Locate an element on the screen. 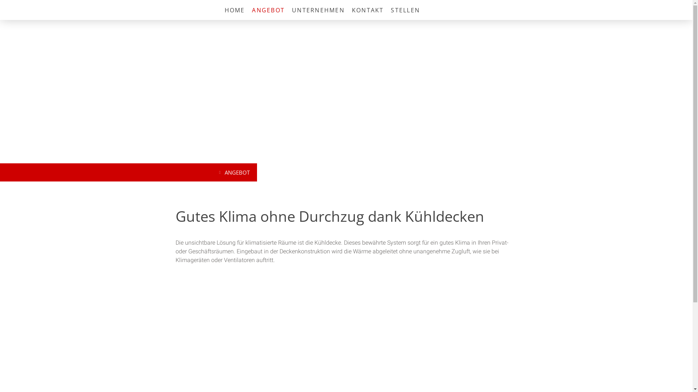 The image size is (698, 392). 'UNTERNEHMEN' is located at coordinates (288, 10).